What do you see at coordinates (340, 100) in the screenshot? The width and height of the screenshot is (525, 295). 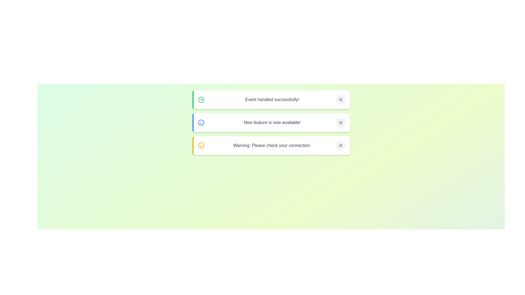 I see `the Close button icon located at the top-right corner of the notification card that displays the message 'Event handled successfully!'` at bounding box center [340, 100].